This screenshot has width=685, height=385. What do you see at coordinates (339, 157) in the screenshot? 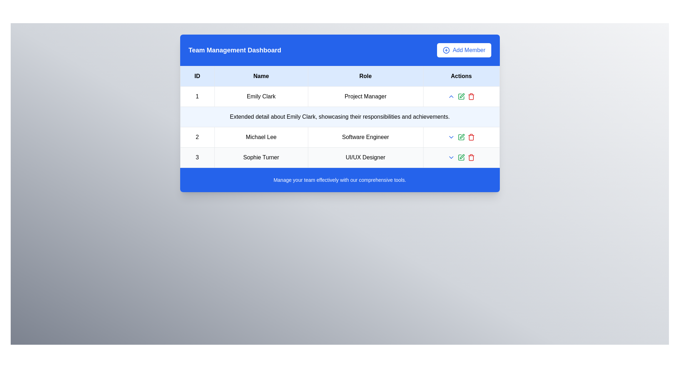
I see `information displayed in the table row for Sophie Turner, which includes their ID, name, and role, located in the Team Management Dashboard under the third data row` at bounding box center [339, 157].